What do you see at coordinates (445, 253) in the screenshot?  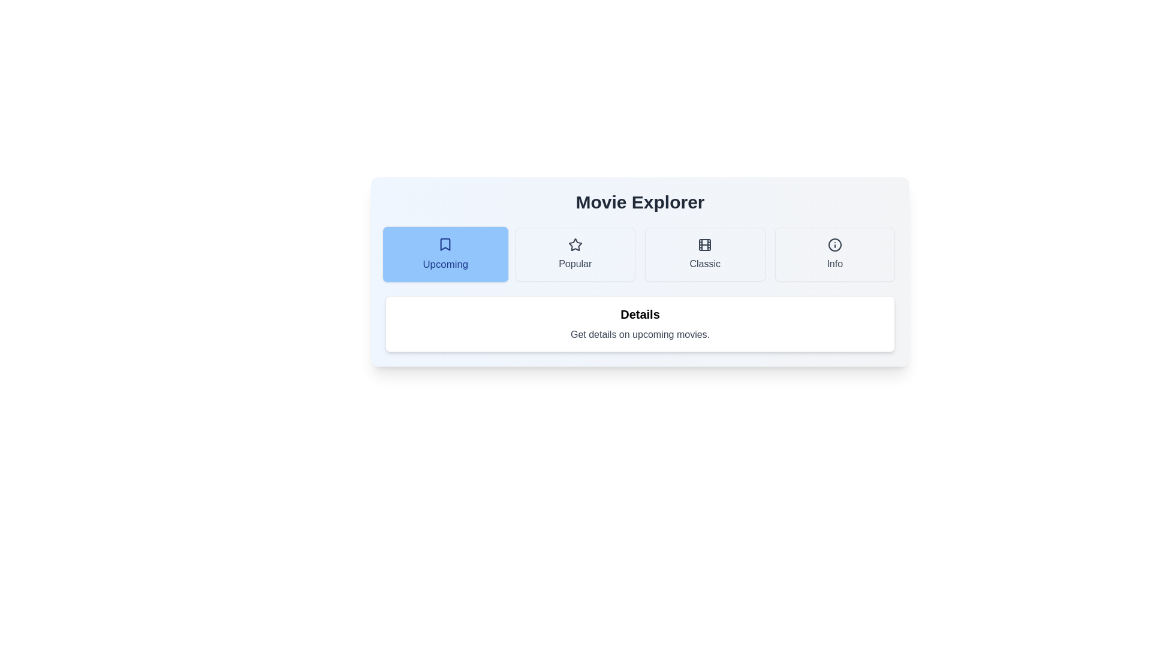 I see `the Clickable card located in the first column under the 'Movie Explorer' heading for keyboard navigation` at bounding box center [445, 253].